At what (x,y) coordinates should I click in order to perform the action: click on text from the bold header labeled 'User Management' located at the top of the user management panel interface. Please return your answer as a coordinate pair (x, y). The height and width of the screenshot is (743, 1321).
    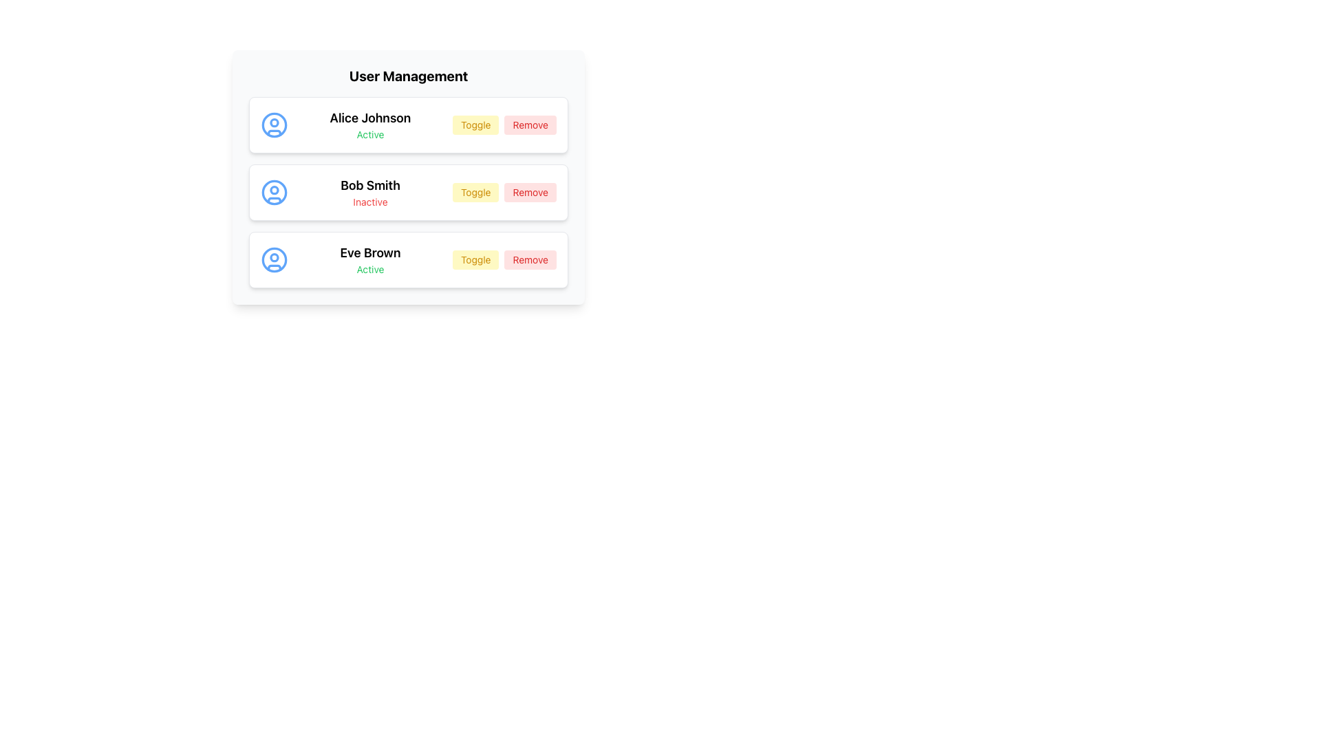
    Looking at the image, I should click on (408, 76).